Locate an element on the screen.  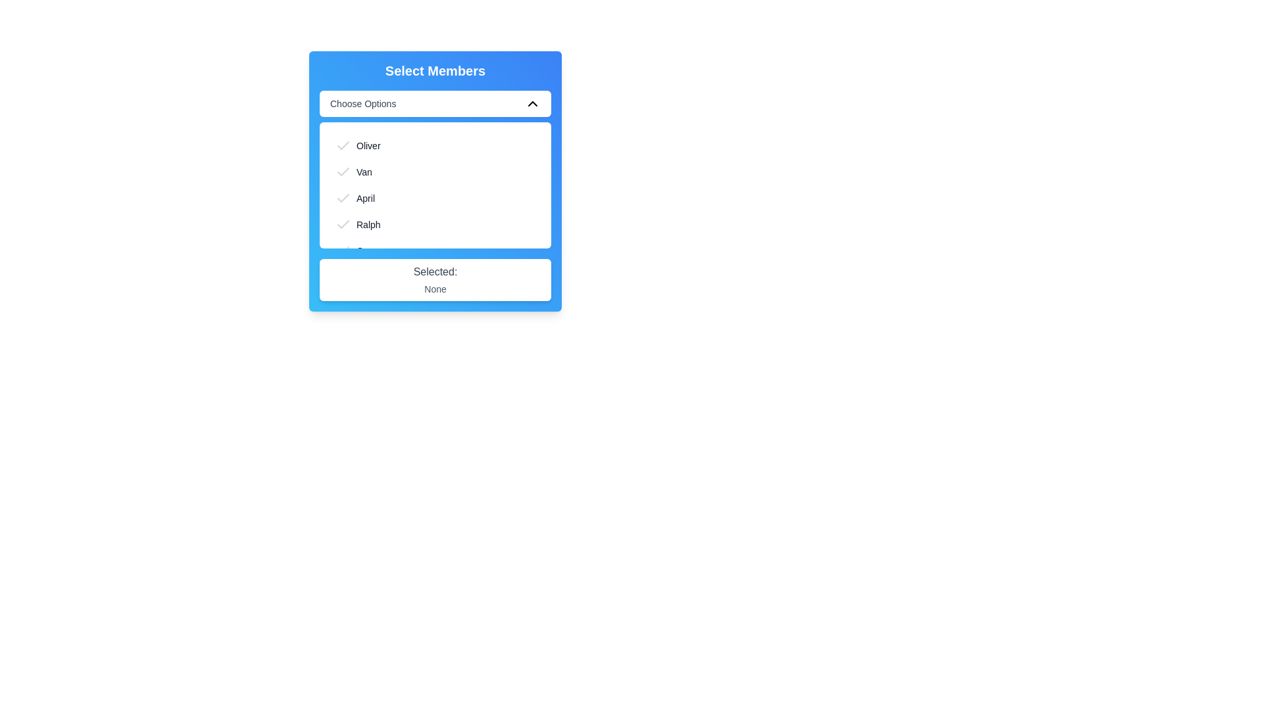
the selection state icon at the beginning of the row labeled 'Omar' in the dropdown list is located at coordinates (343, 250).